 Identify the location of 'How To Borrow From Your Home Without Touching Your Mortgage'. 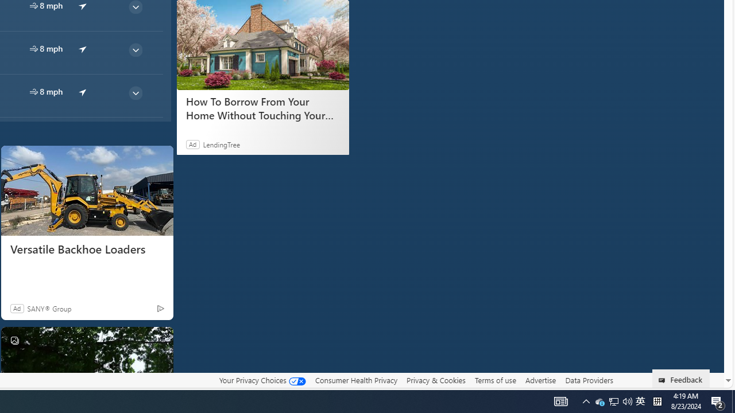
(262, 44).